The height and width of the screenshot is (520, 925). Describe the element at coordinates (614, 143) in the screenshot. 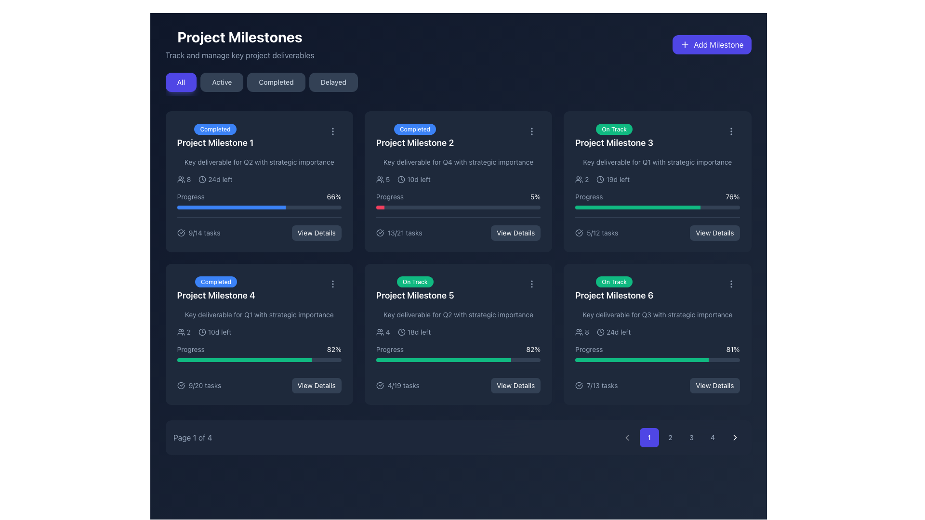

I see `the text label 'Project Milestone 3', which is displayed in a bold, large font with white coloring against a dark background, located below the 'On Track' badge in the top-right card of the grid layout` at that location.